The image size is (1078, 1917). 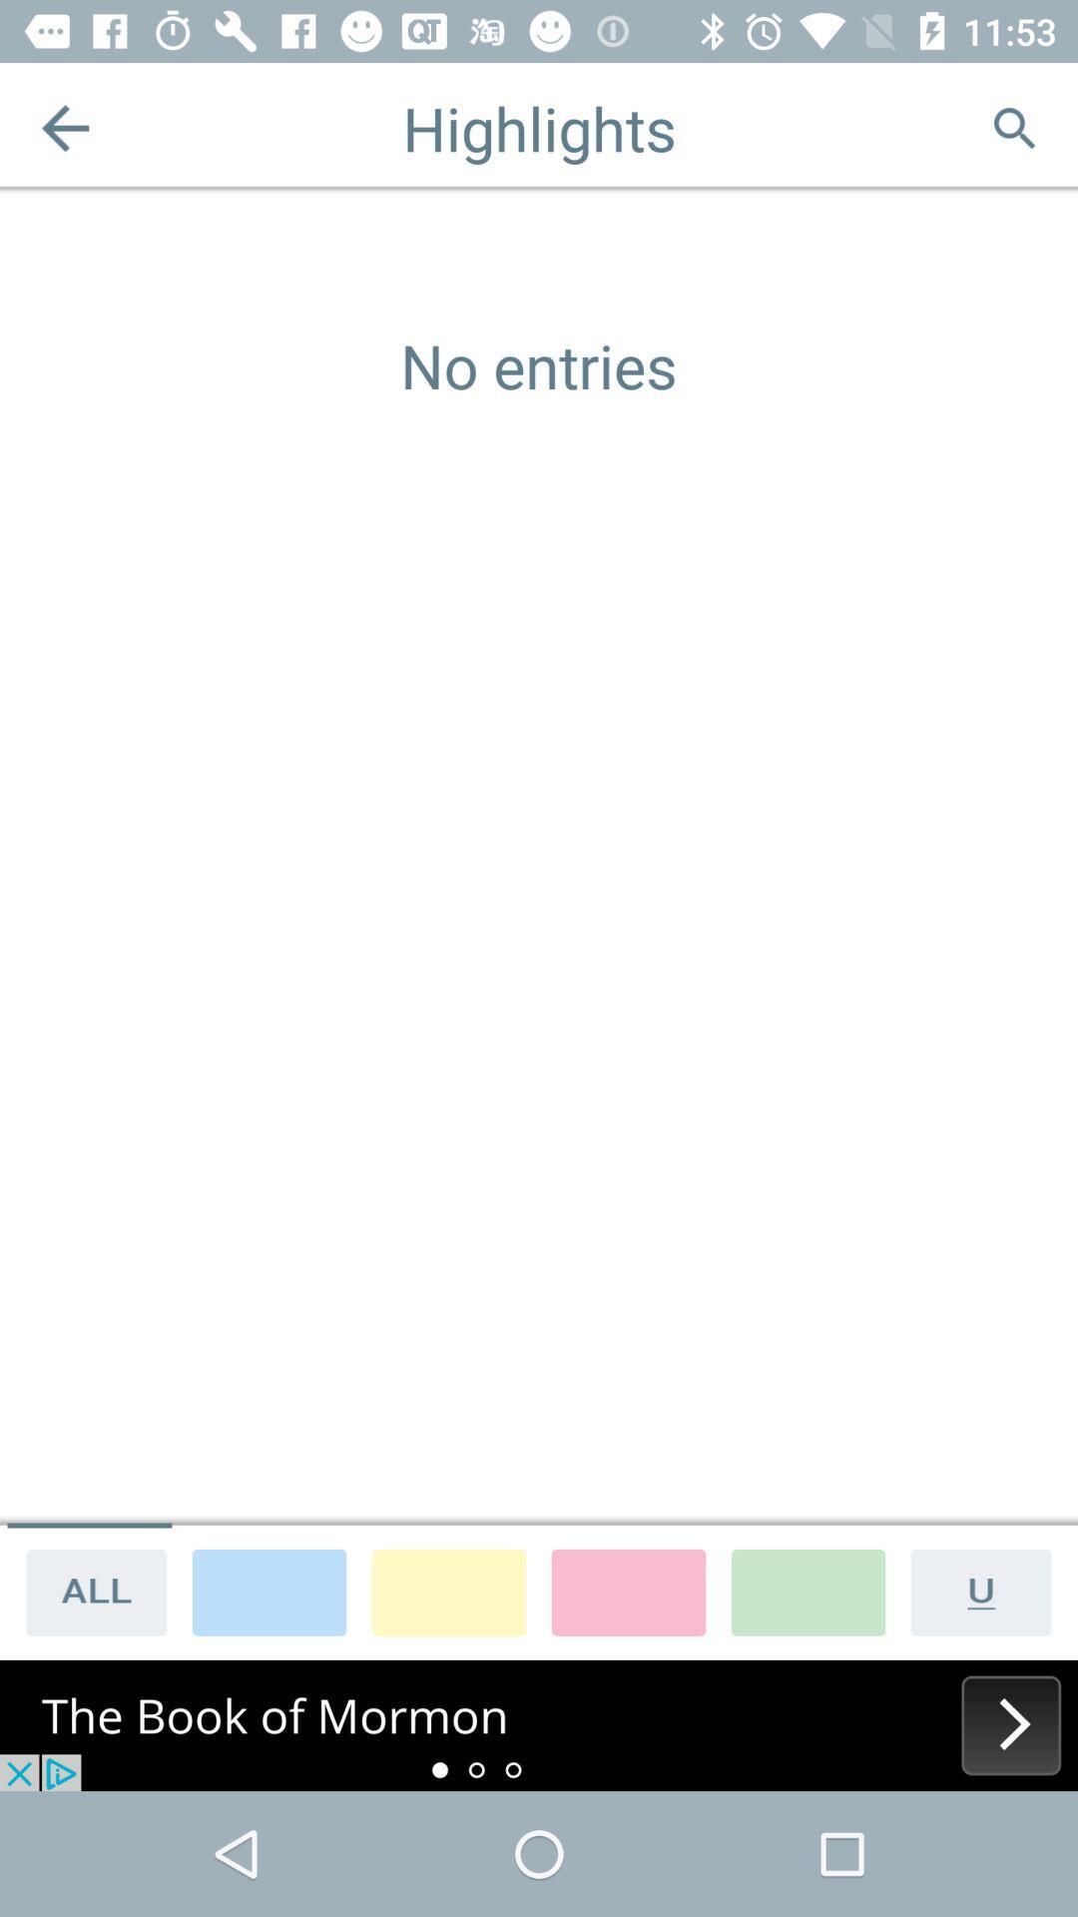 I want to click on next display, so click(x=539, y=1724).